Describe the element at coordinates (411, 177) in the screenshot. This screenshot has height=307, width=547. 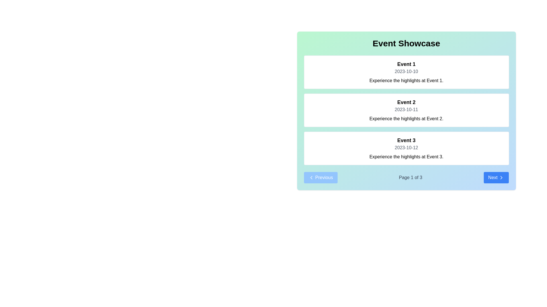
I see `the text element that displays the current page number and total number of pages, which is centrally located in the navigation bar between the 'Previous' and 'Next' buttons` at that location.